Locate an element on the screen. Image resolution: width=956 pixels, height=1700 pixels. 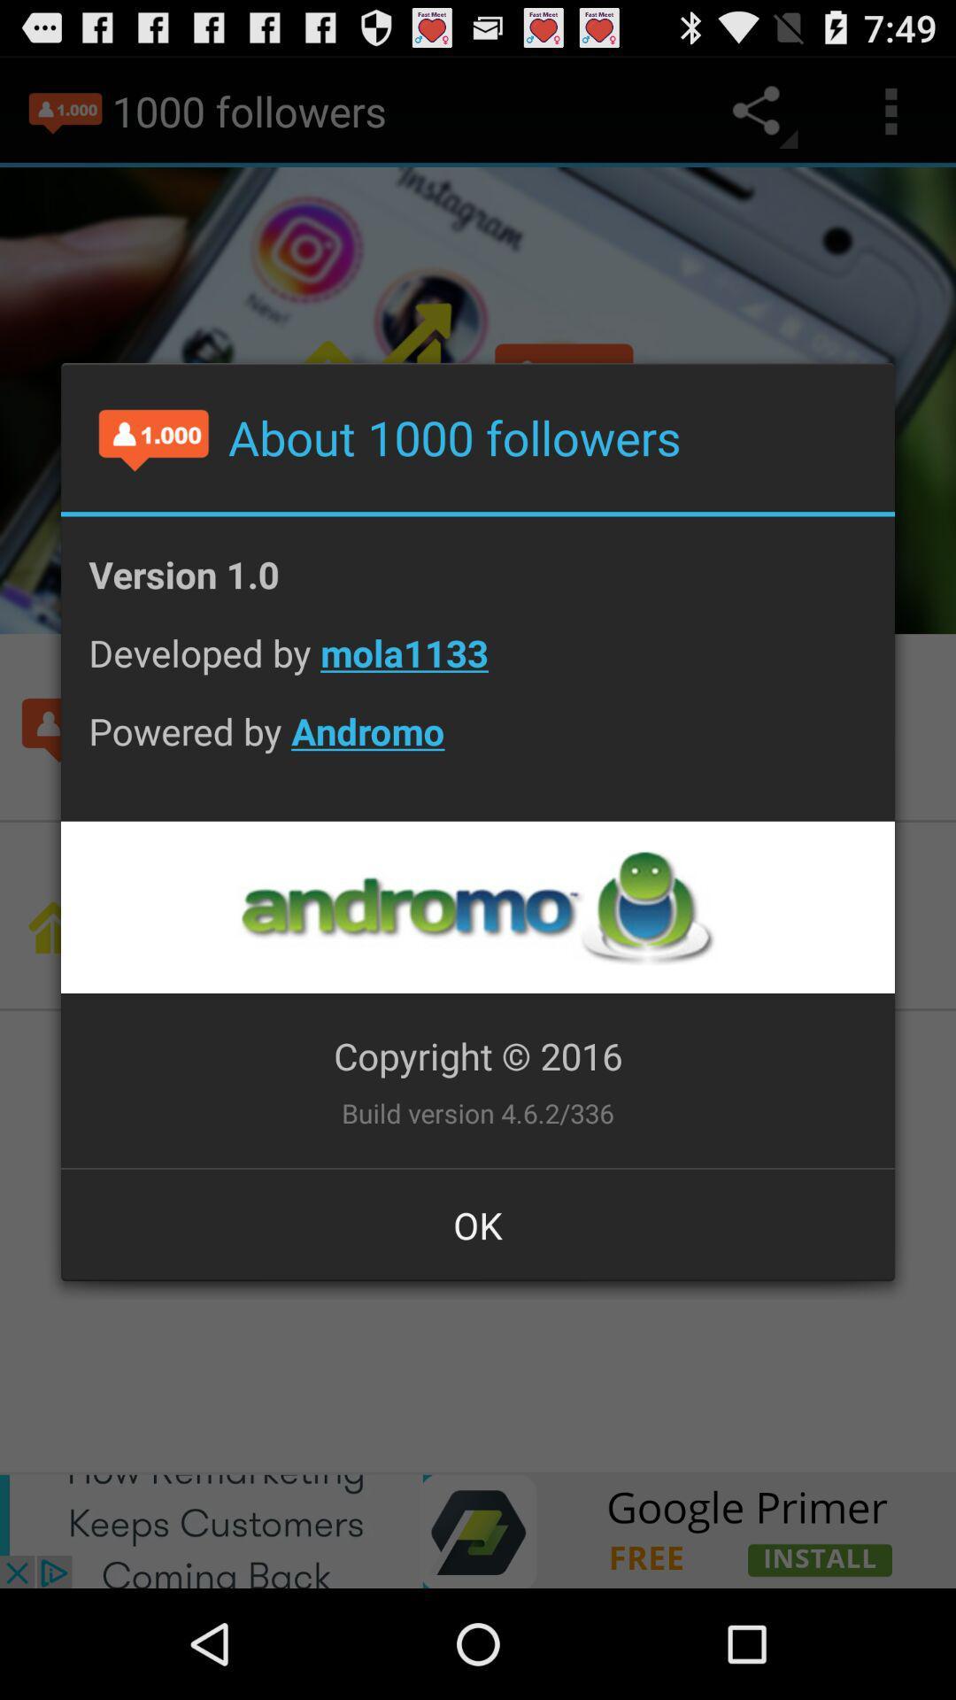
open developer 's site is located at coordinates (476, 907).